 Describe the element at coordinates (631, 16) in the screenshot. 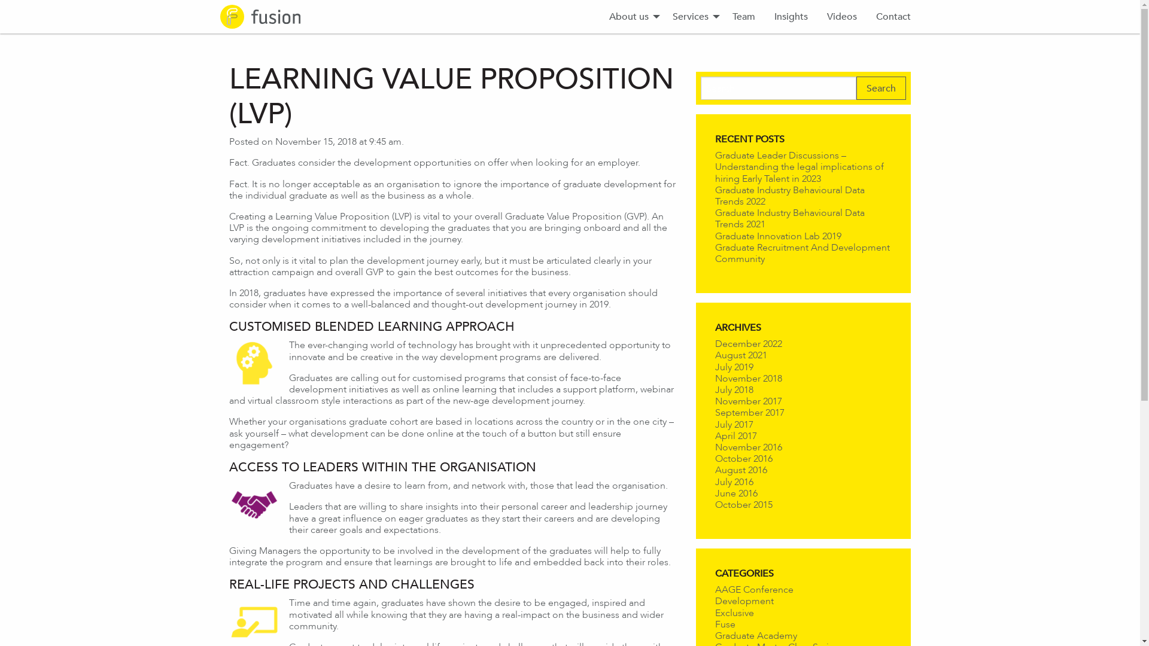

I see `'About us'` at that location.